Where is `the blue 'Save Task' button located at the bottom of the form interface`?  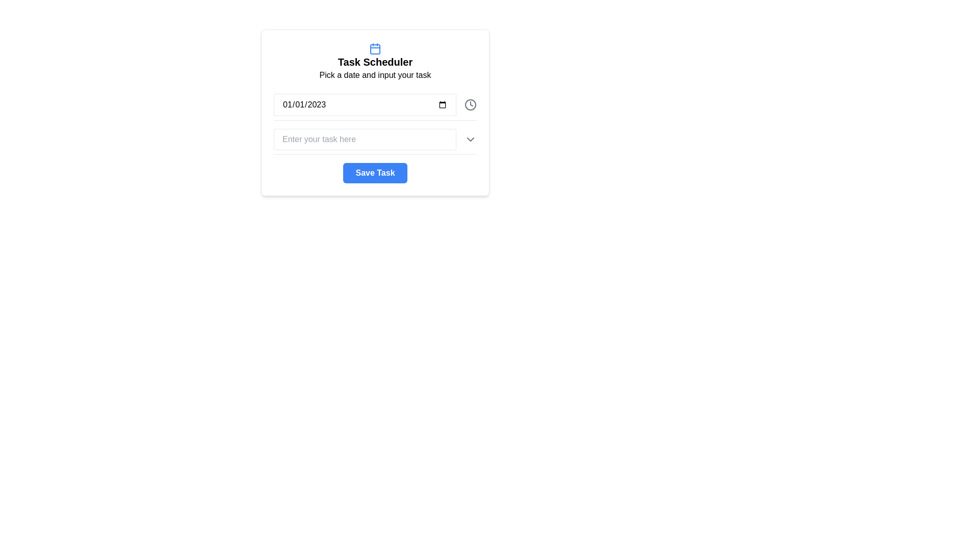 the blue 'Save Task' button located at the bottom of the form interface is located at coordinates (374, 172).